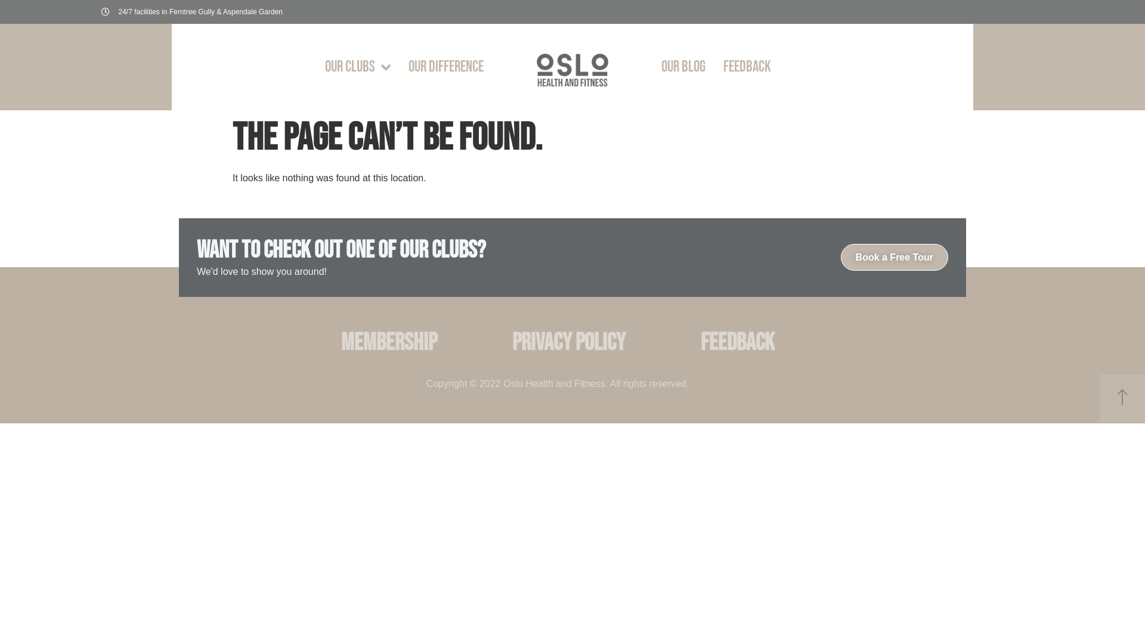 This screenshot has height=644, width=1145. I want to click on 'Privacy Policy', so click(498, 342).